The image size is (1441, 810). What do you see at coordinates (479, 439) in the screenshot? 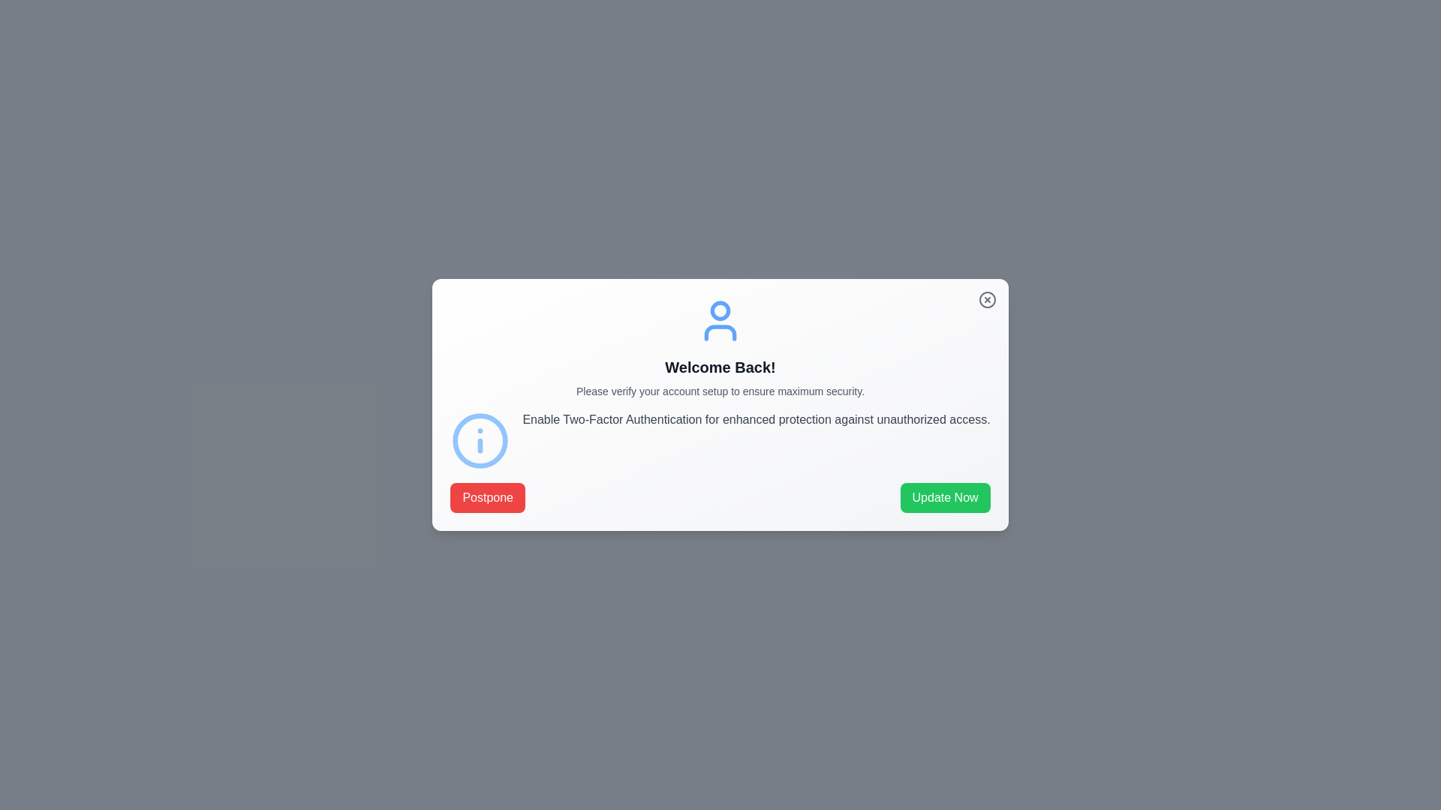
I see `the informational icon to view additional details` at bounding box center [479, 439].